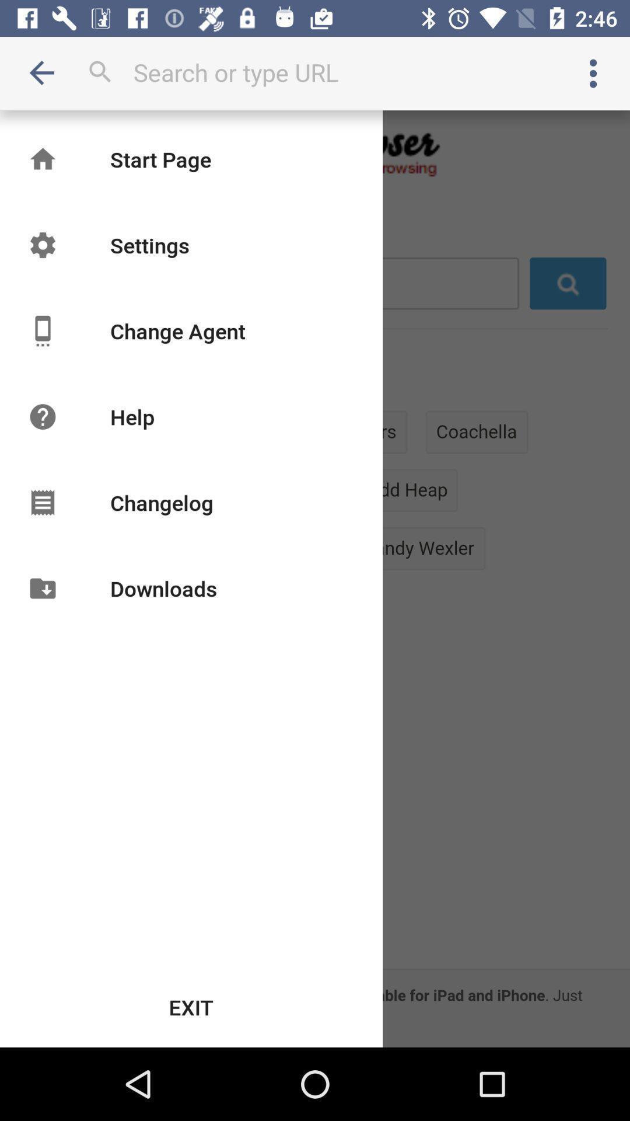  What do you see at coordinates (177, 330) in the screenshot?
I see `icon above the help item` at bounding box center [177, 330].